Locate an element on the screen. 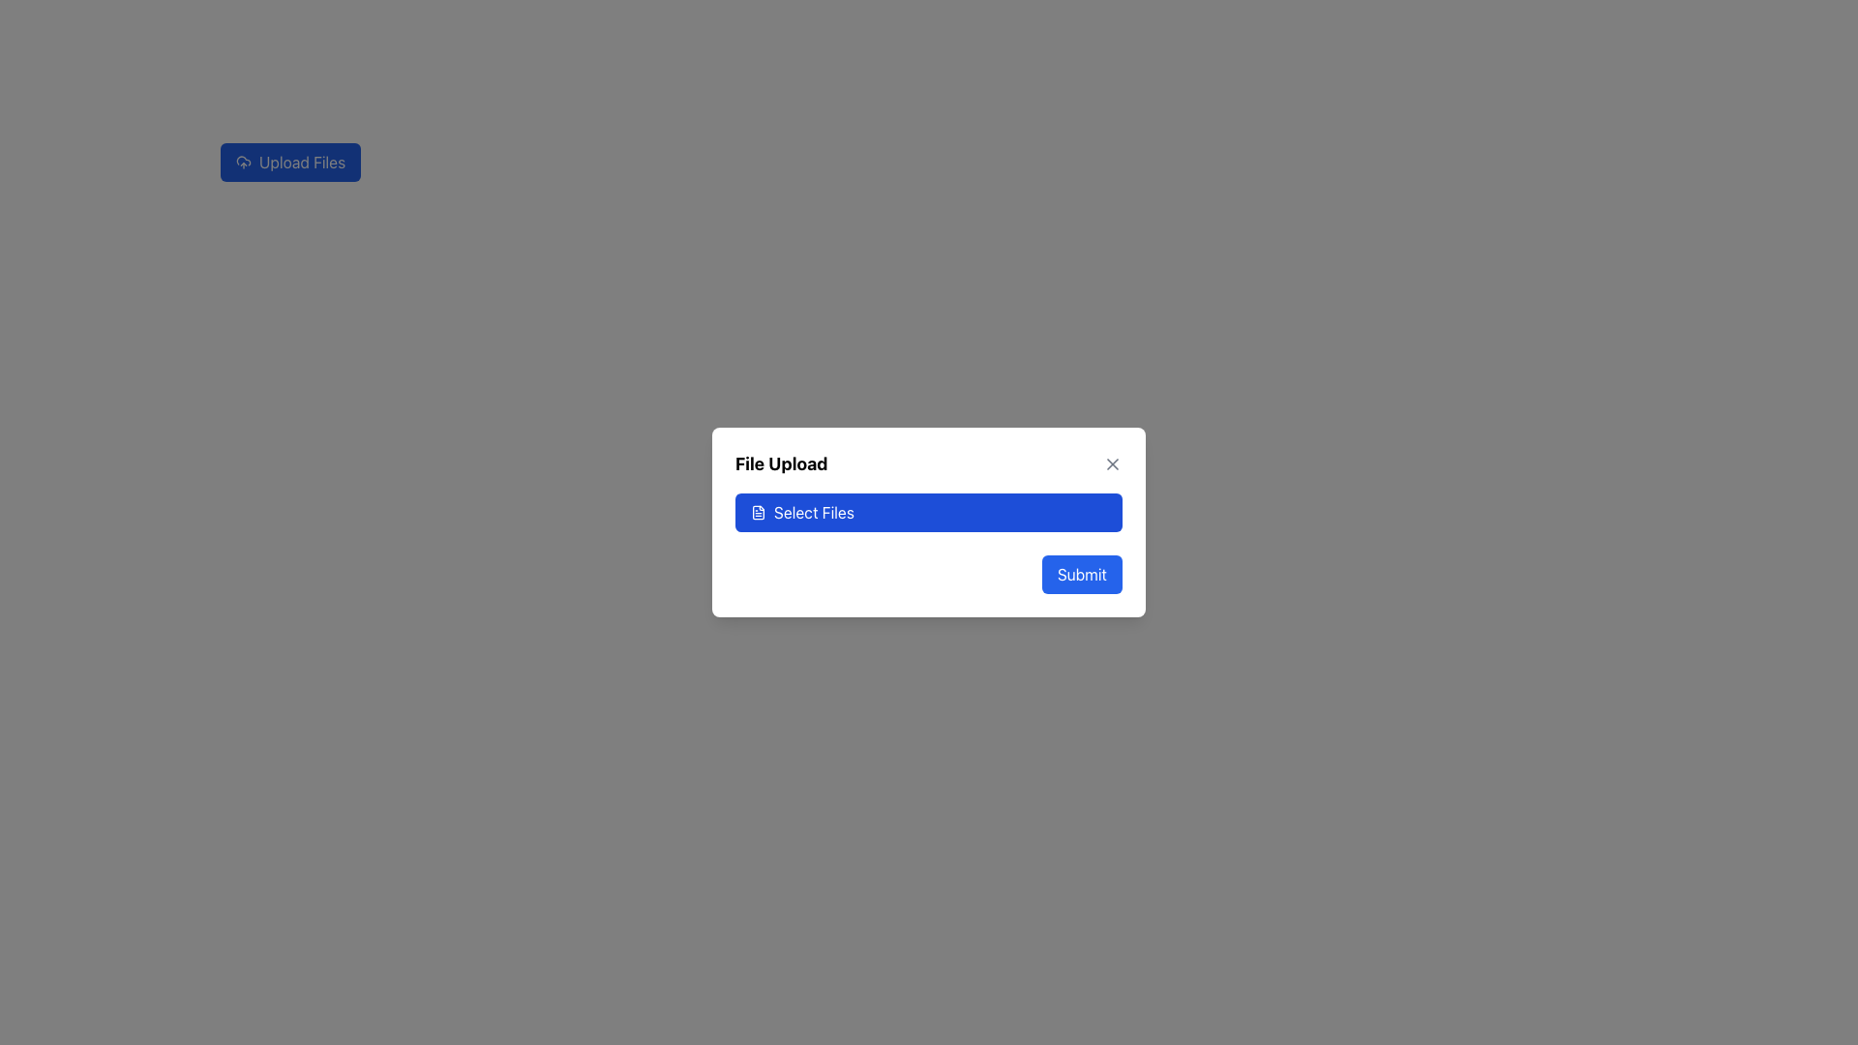 The height and width of the screenshot is (1045, 1858). the small gray 'X' icon located at the top-right corner of the 'File Upload' dialog box is located at coordinates (1113, 463).